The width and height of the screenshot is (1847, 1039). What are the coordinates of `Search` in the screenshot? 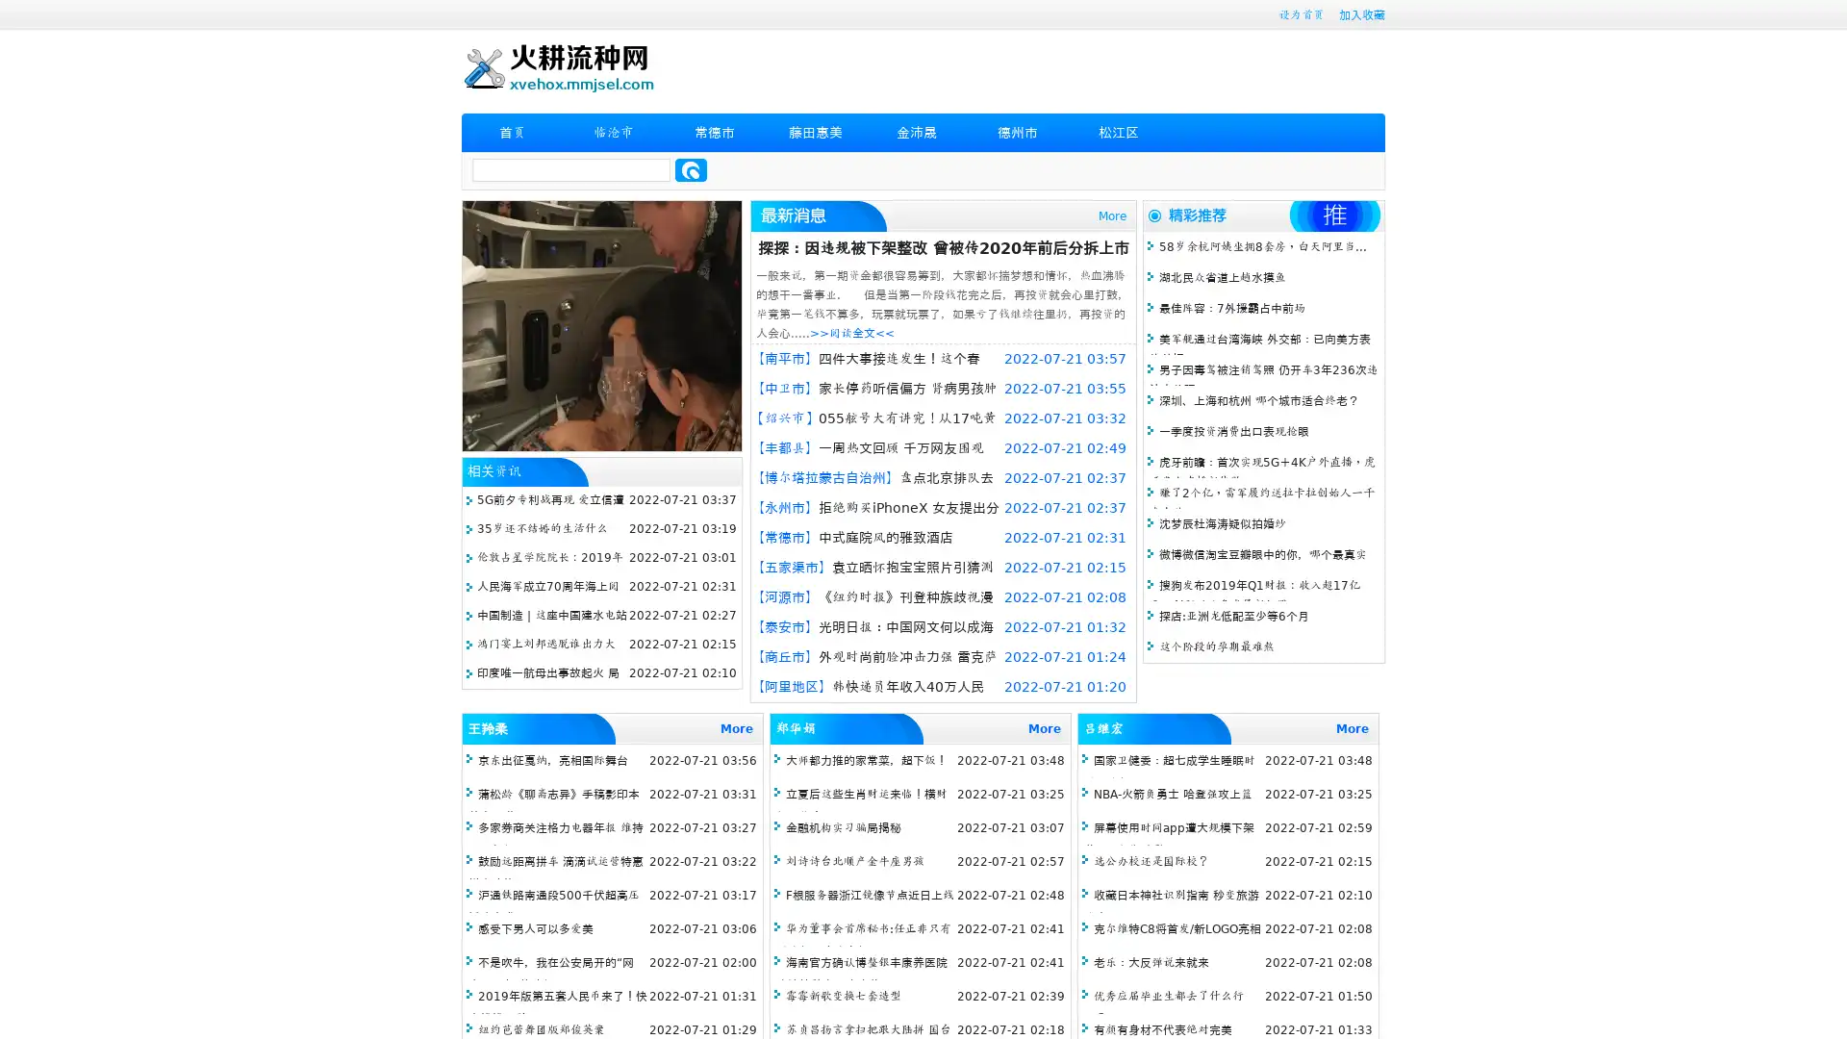 It's located at (691, 169).